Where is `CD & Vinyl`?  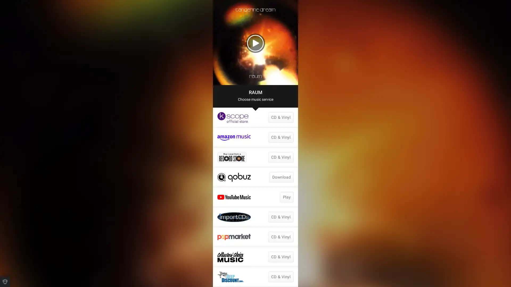
CD & Vinyl is located at coordinates (281, 157).